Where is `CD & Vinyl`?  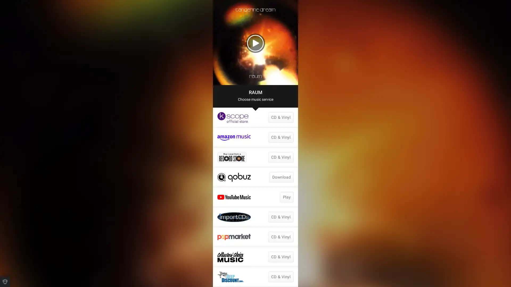
CD & Vinyl is located at coordinates (281, 157).